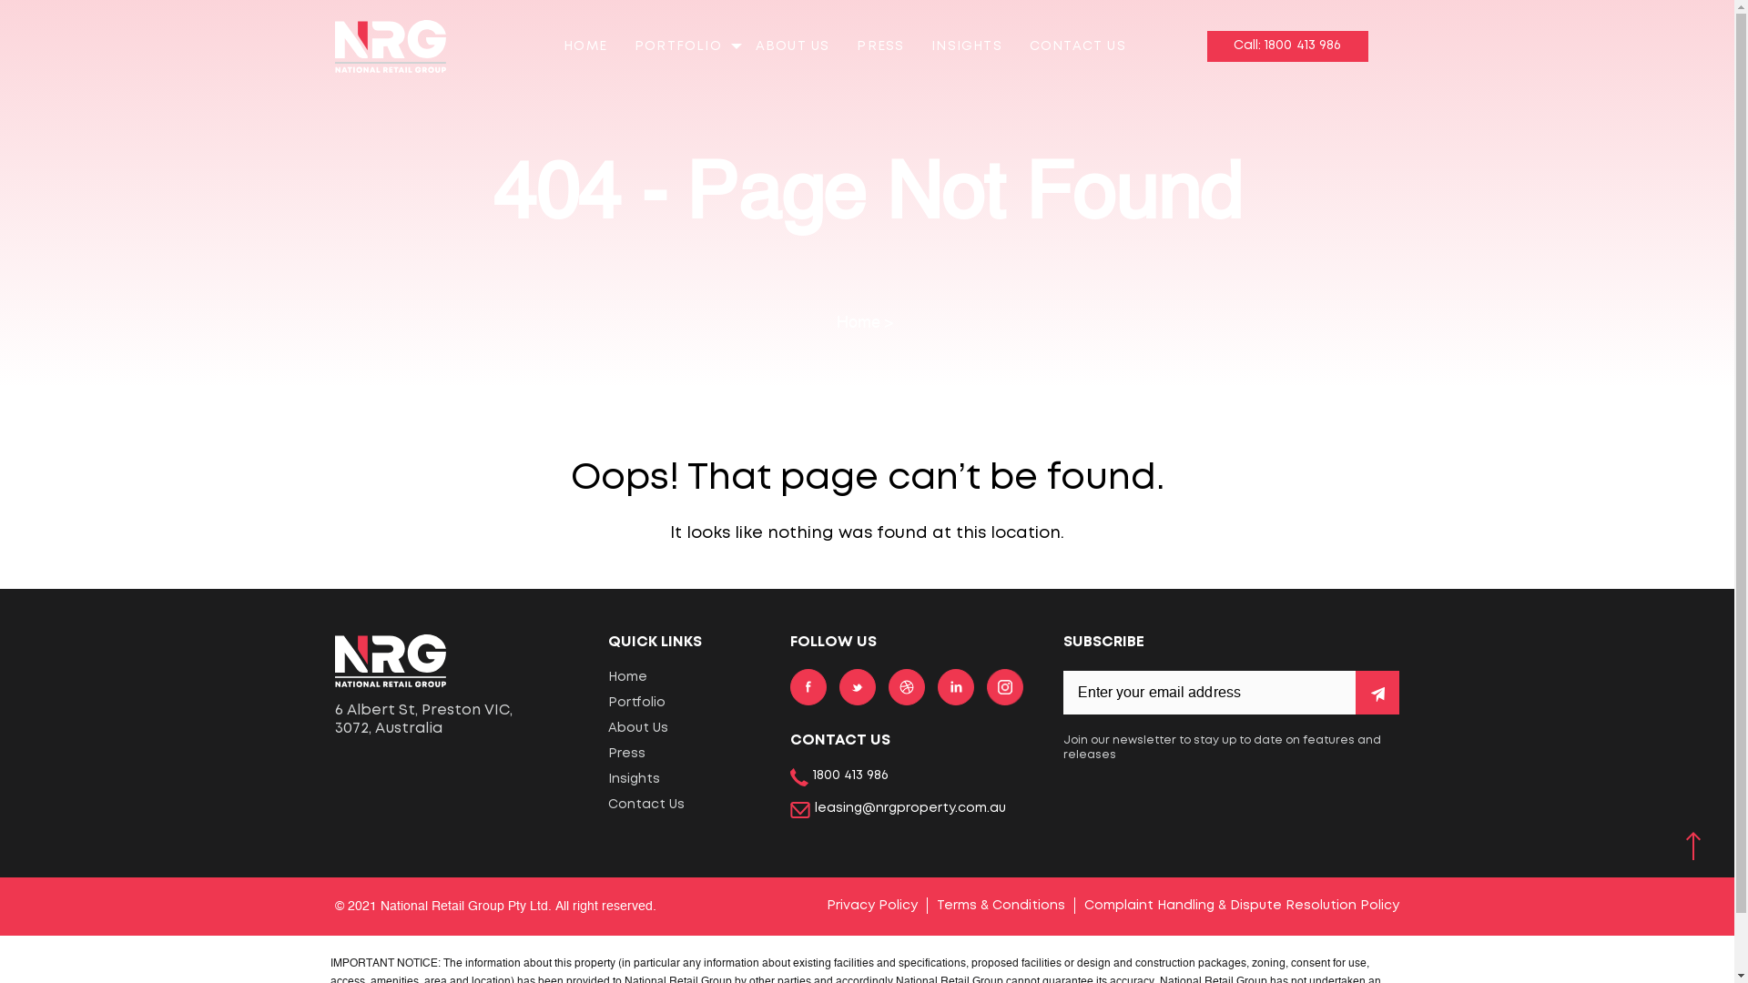 This screenshot has height=983, width=1748. Describe the element at coordinates (458, 718) in the screenshot. I see `'6 Albert St, Preston VIC,` at that location.